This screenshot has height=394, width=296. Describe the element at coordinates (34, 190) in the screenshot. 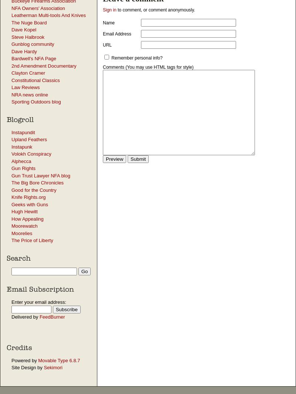

I see `'Good for the Country'` at that location.